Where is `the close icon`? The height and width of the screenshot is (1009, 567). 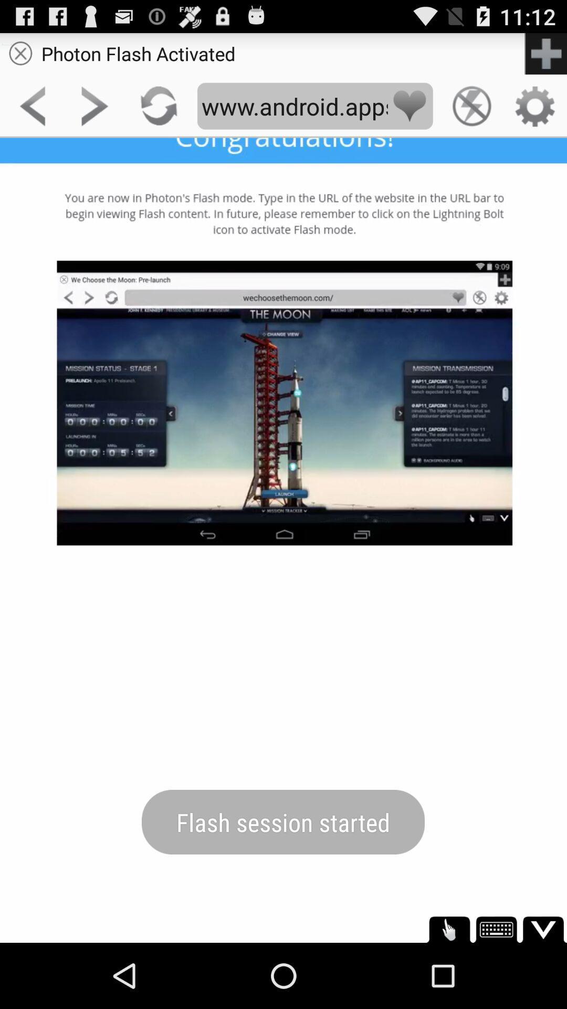 the close icon is located at coordinates (20, 57).